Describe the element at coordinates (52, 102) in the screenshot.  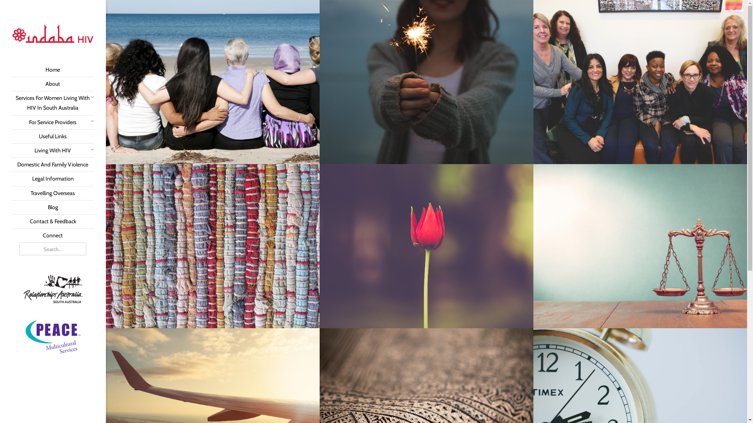
I see `'Services For Women Living With HIV In South Australia'` at that location.